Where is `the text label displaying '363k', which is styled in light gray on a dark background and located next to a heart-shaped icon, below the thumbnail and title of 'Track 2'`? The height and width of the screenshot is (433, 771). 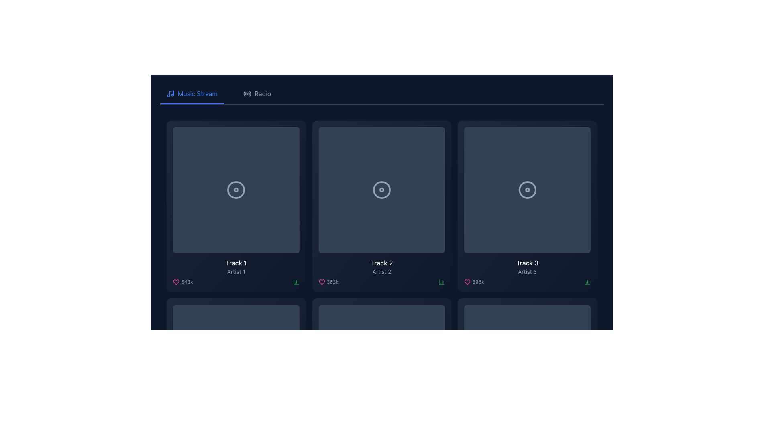 the text label displaying '363k', which is styled in light gray on a dark background and located next to a heart-shaped icon, below the thumbnail and title of 'Track 2' is located at coordinates (332, 281).